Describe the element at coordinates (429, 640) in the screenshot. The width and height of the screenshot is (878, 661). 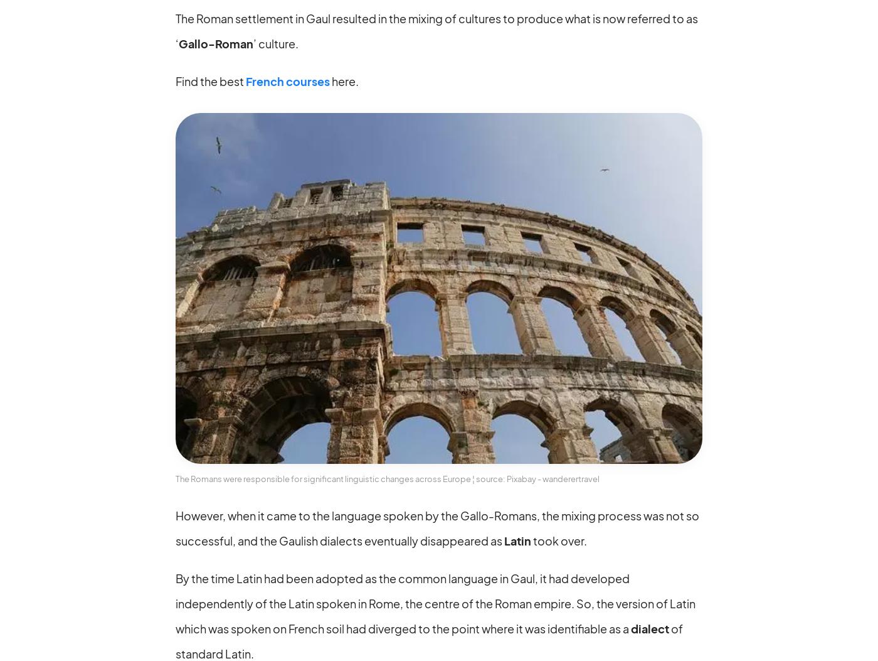
I see `'of standard Latin.'` at that location.